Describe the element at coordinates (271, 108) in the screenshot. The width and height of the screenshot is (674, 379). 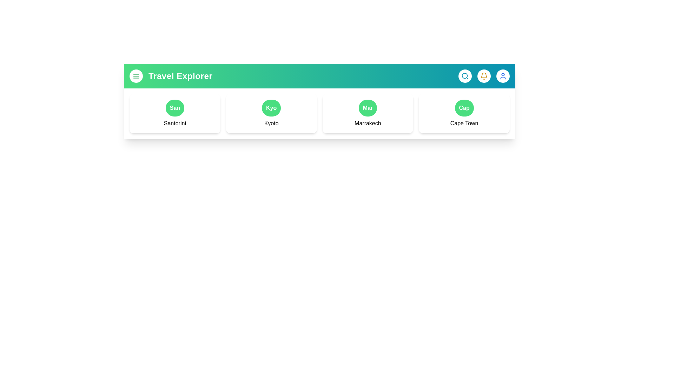
I see `the destination button labeled Kyoto` at that location.